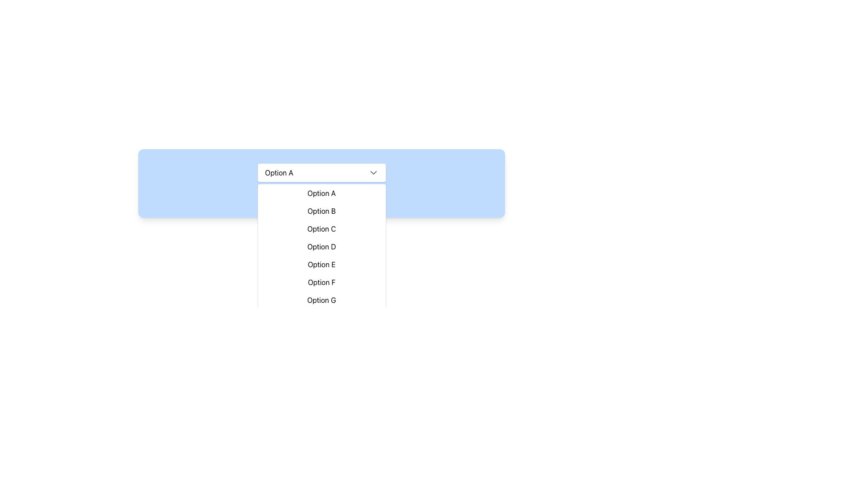 This screenshot has height=481, width=856. What do you see at coordinates (321, 282) in the screenshot?
I see `the dropdown menu item labeled 'Option F'` at bounding box center [321, 282].